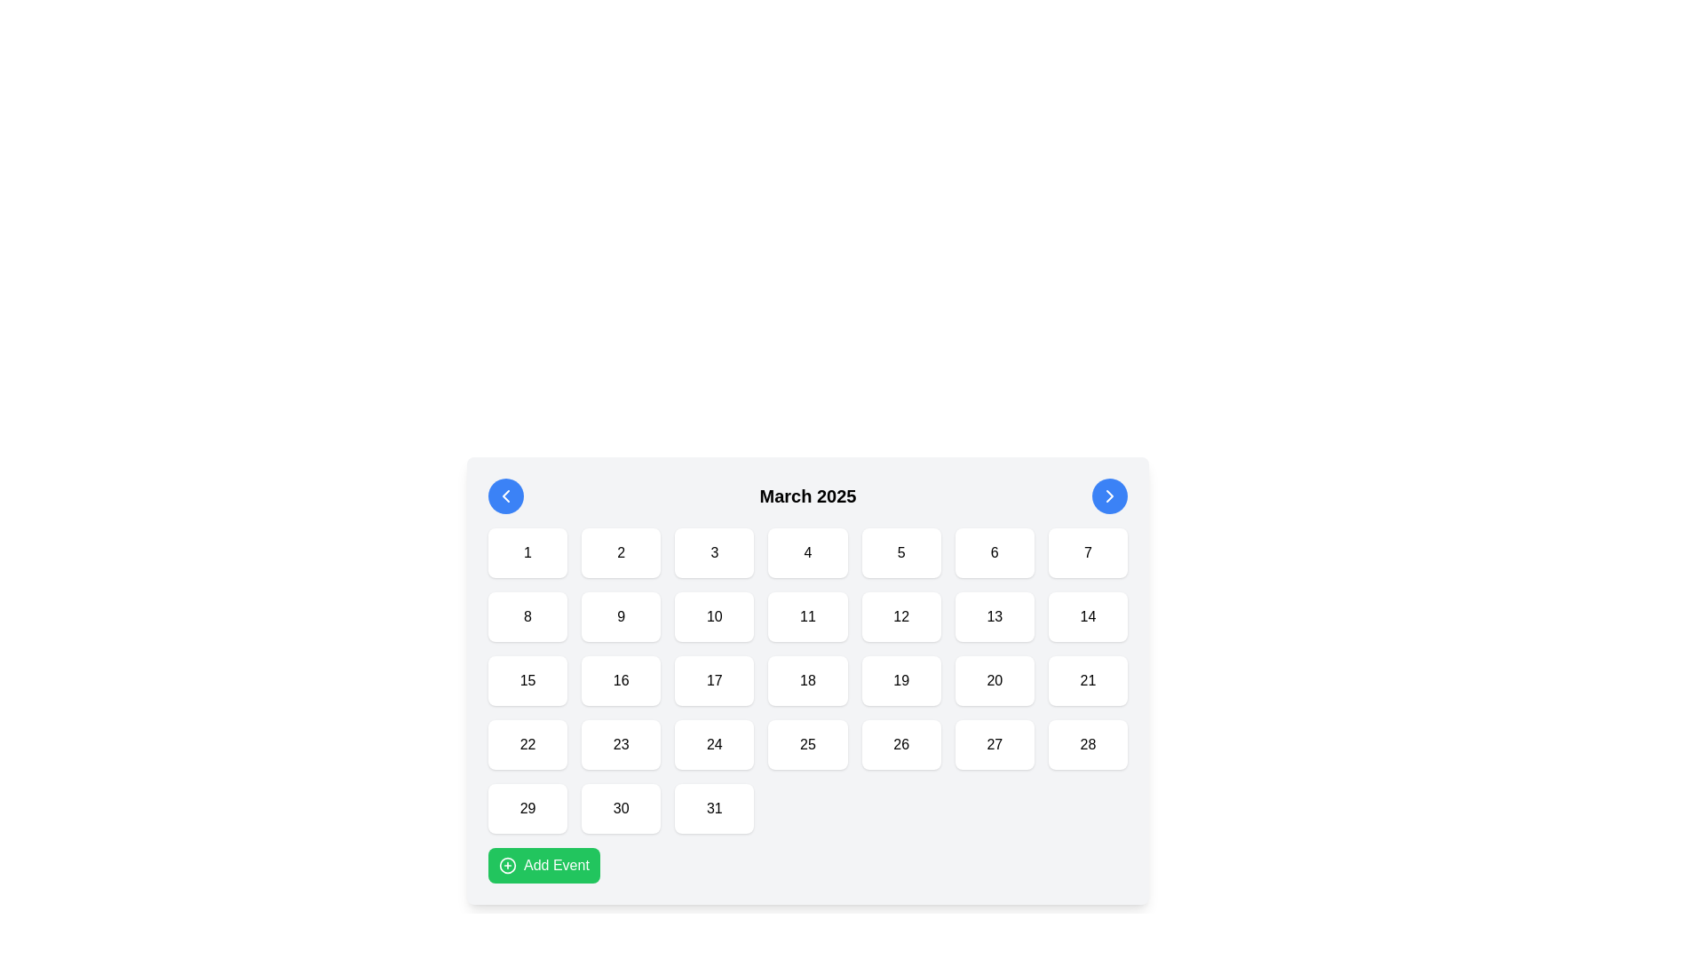 This screenshot has height=959, width=1705. I want to click on the date '11' element in the calendar view, which is located in the second row and fourth column under 'March 2025', so click(807, 615).